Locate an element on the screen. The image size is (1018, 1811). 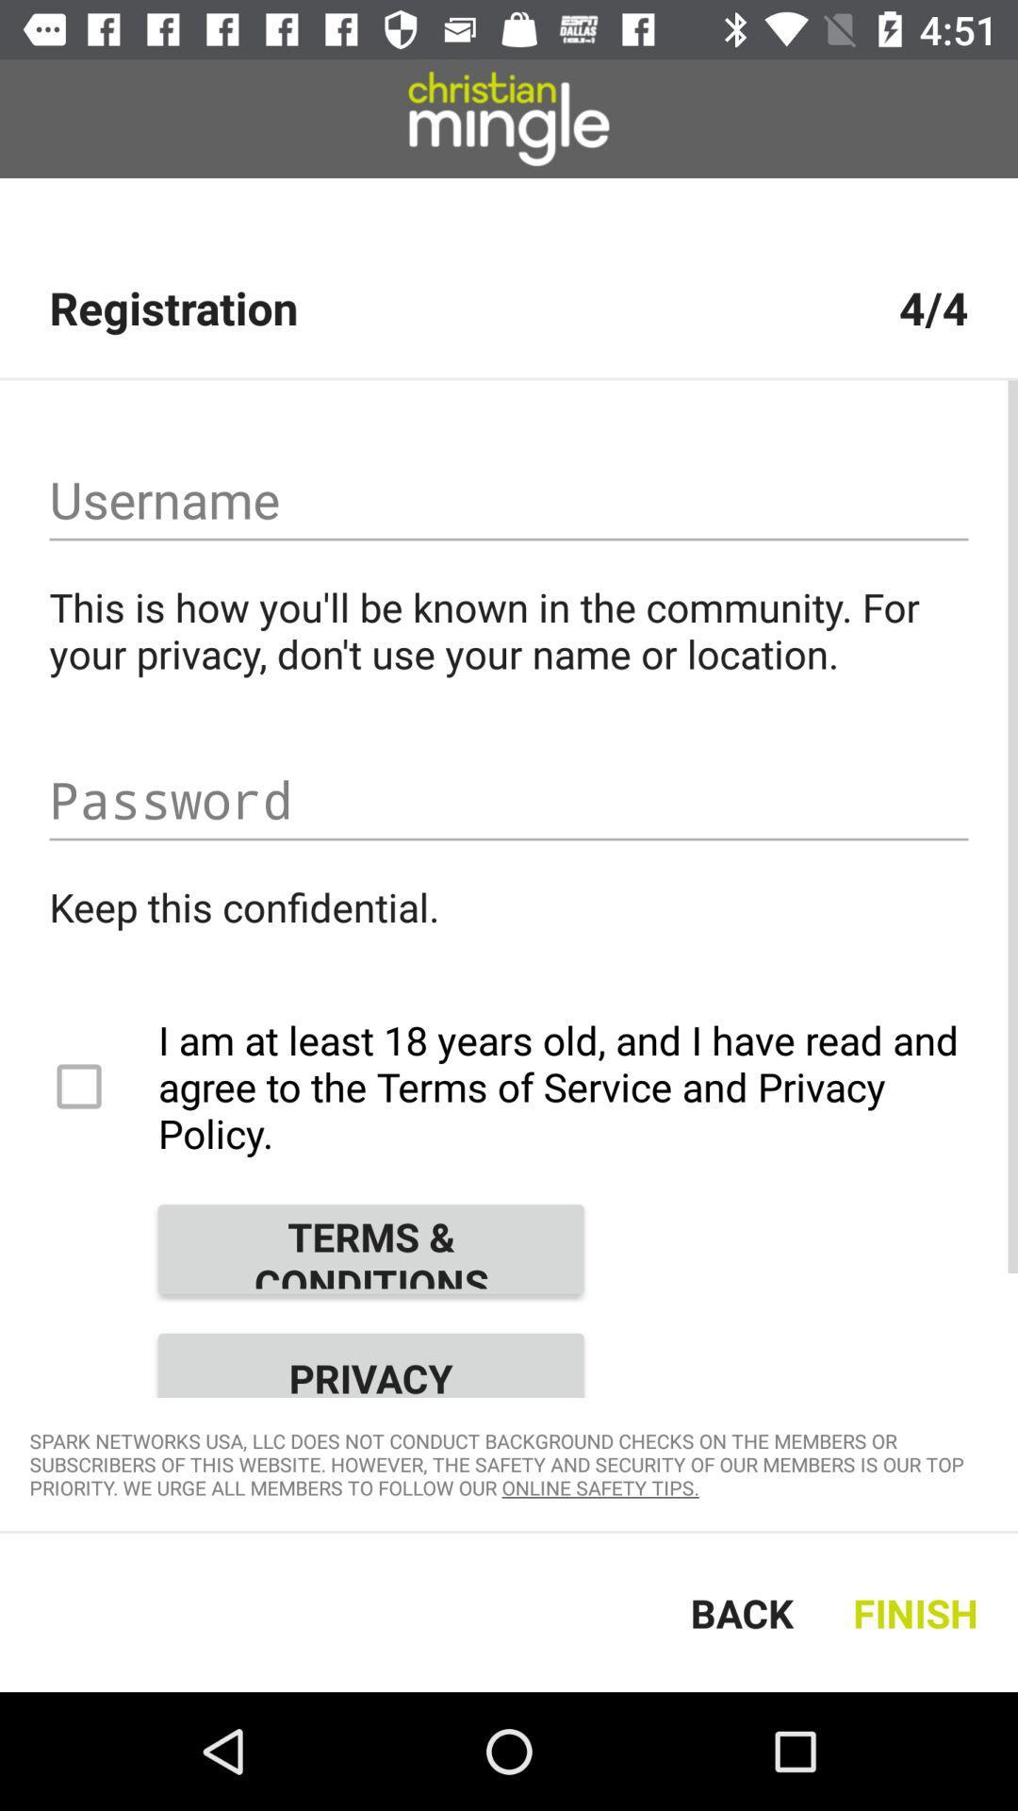
the terms & conditions is located at coordinates (370, 1249).